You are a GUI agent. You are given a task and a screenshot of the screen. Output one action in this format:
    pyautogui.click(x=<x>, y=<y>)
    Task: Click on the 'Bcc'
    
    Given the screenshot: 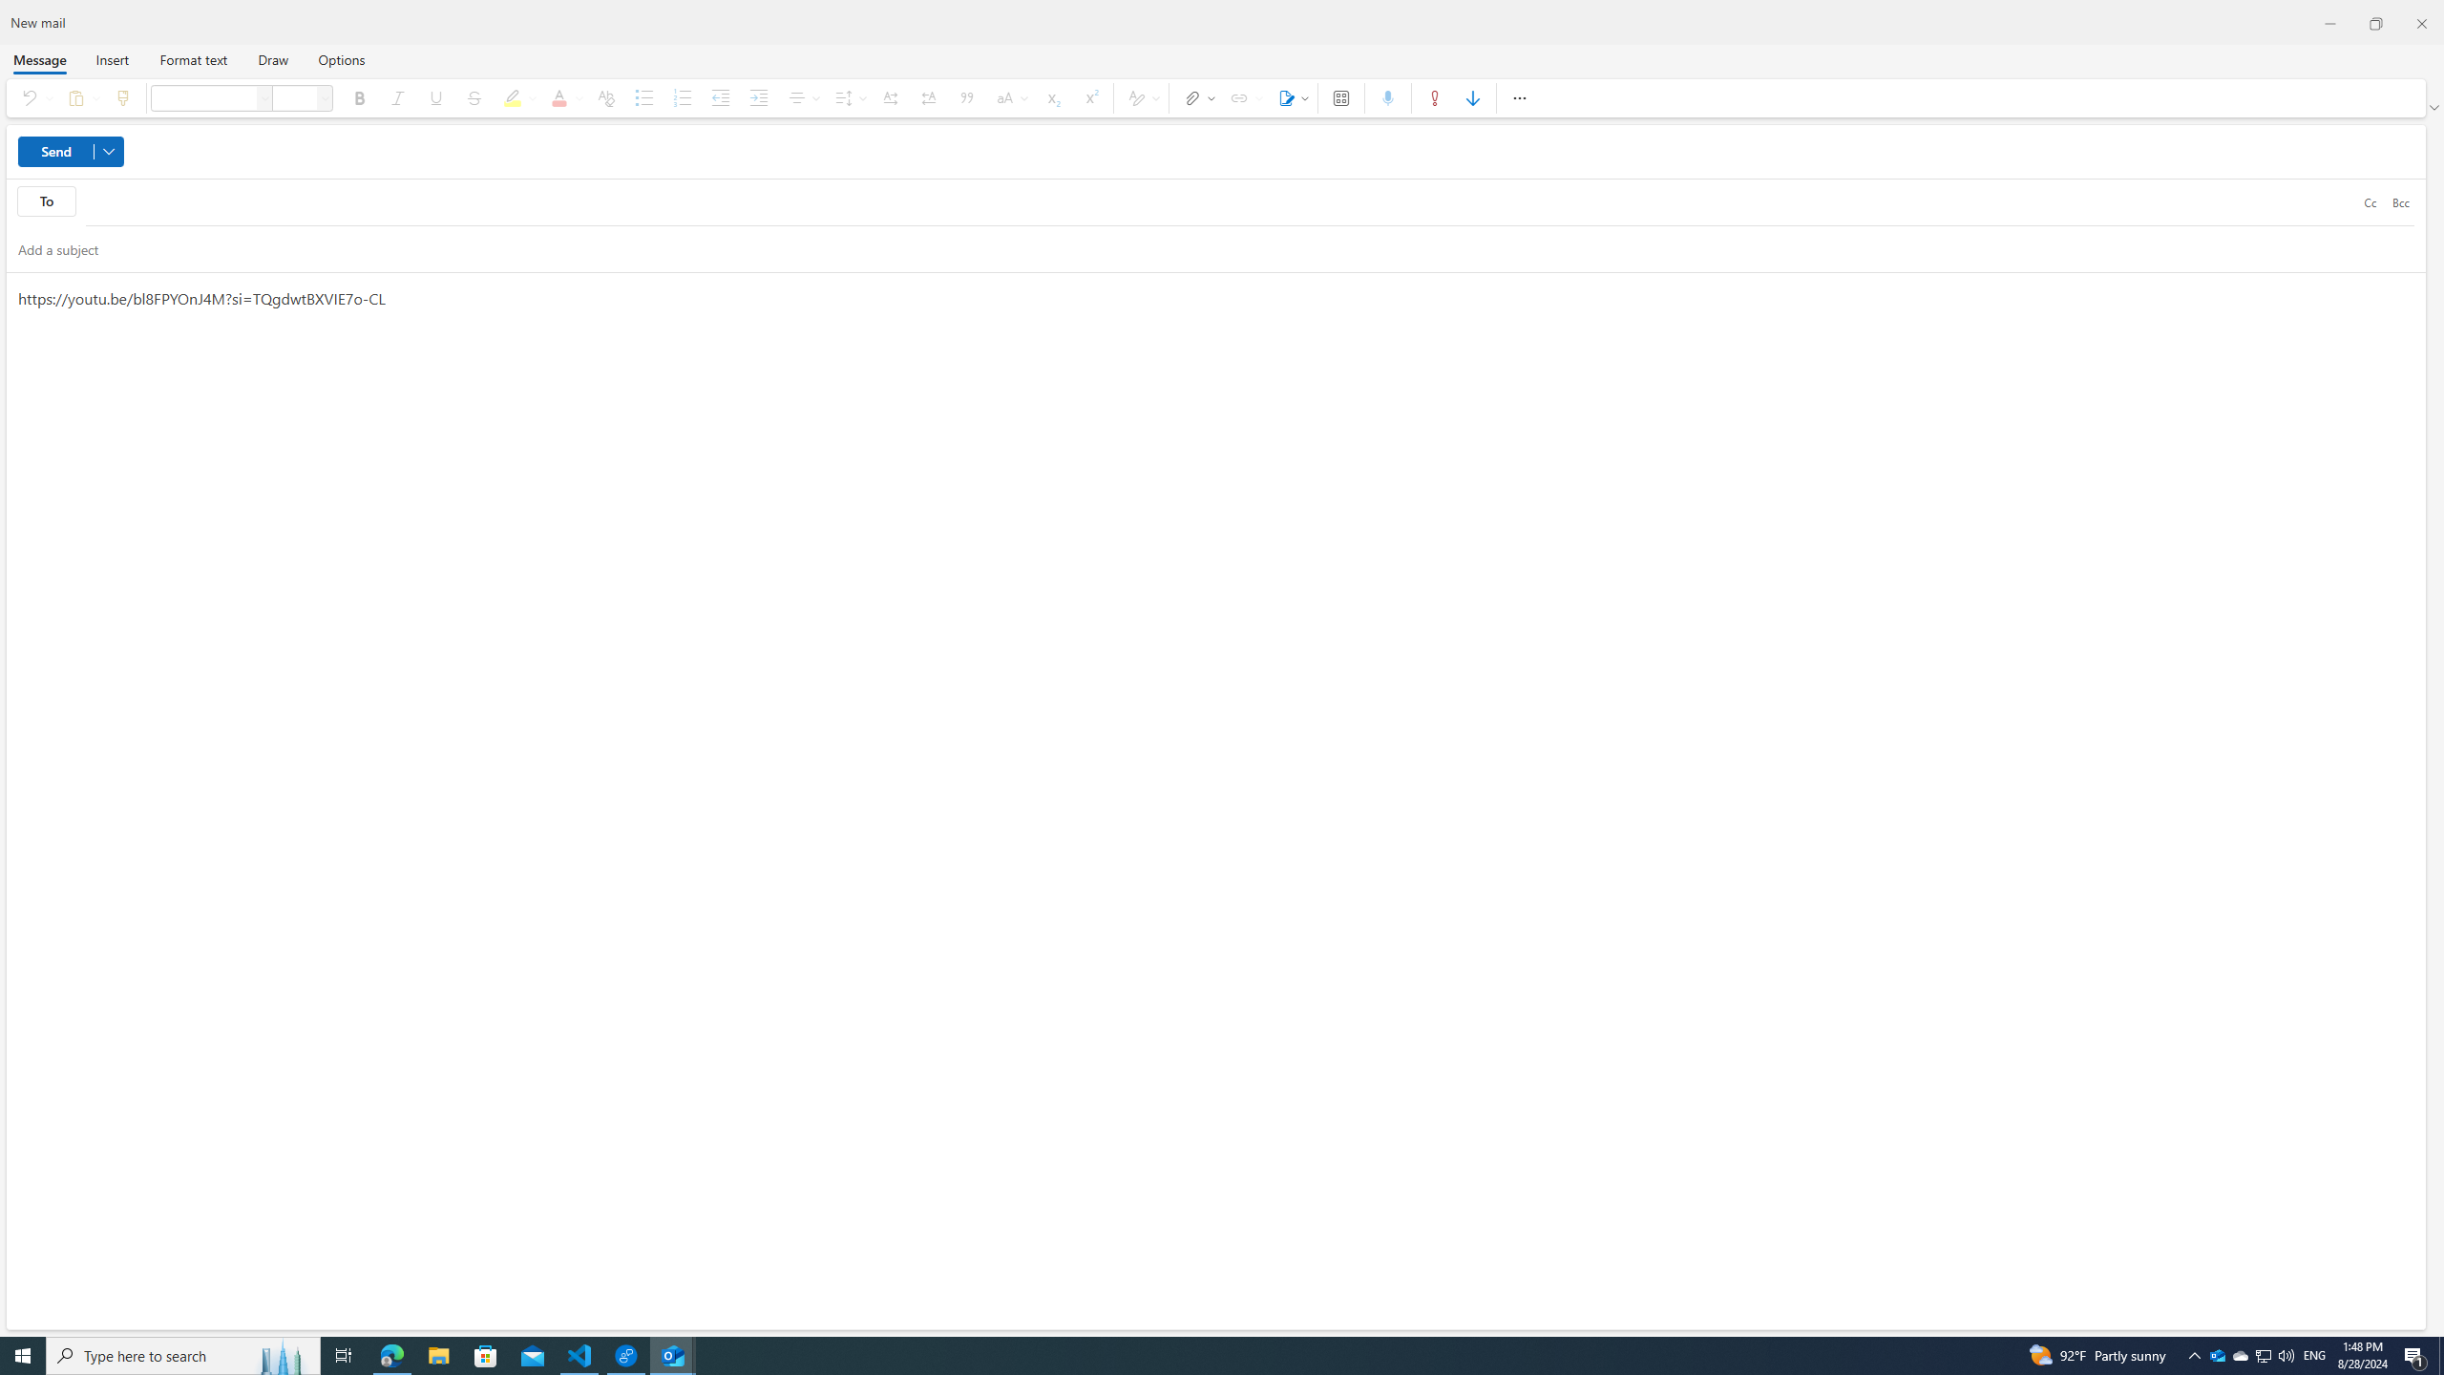 What is the action you would take?
    pyautogui.click(x=2401, y=201)
    